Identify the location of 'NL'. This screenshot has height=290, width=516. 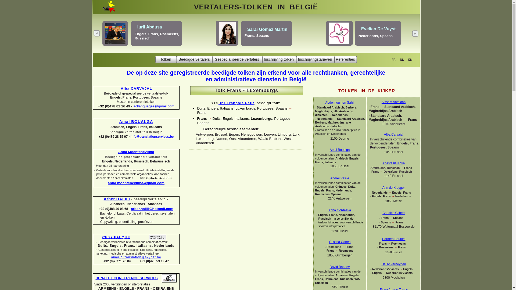
(402, 60).